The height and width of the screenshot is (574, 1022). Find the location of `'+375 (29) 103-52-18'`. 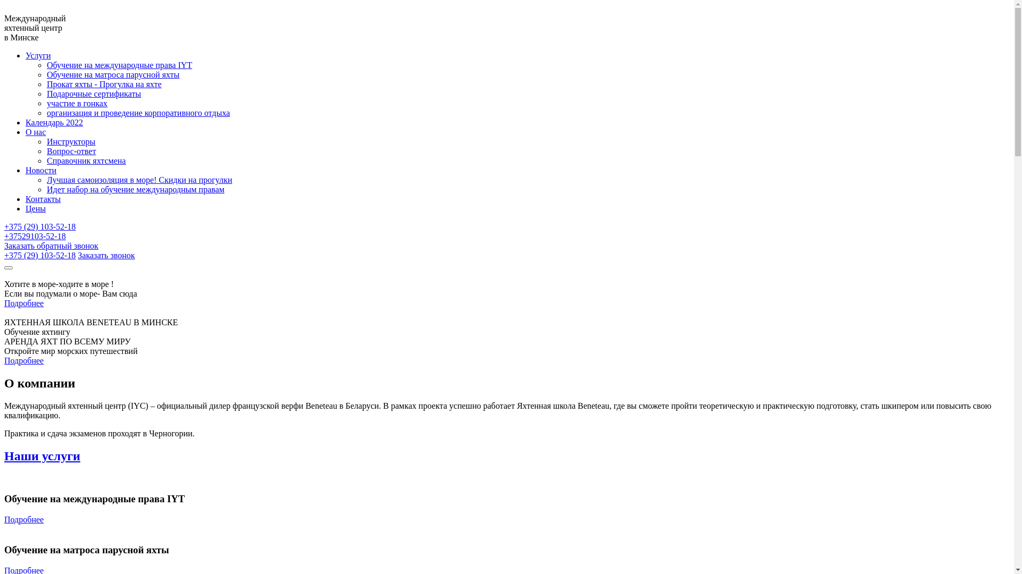

'+375 (29) 103-52-18' is located at coordinates (40, 255).